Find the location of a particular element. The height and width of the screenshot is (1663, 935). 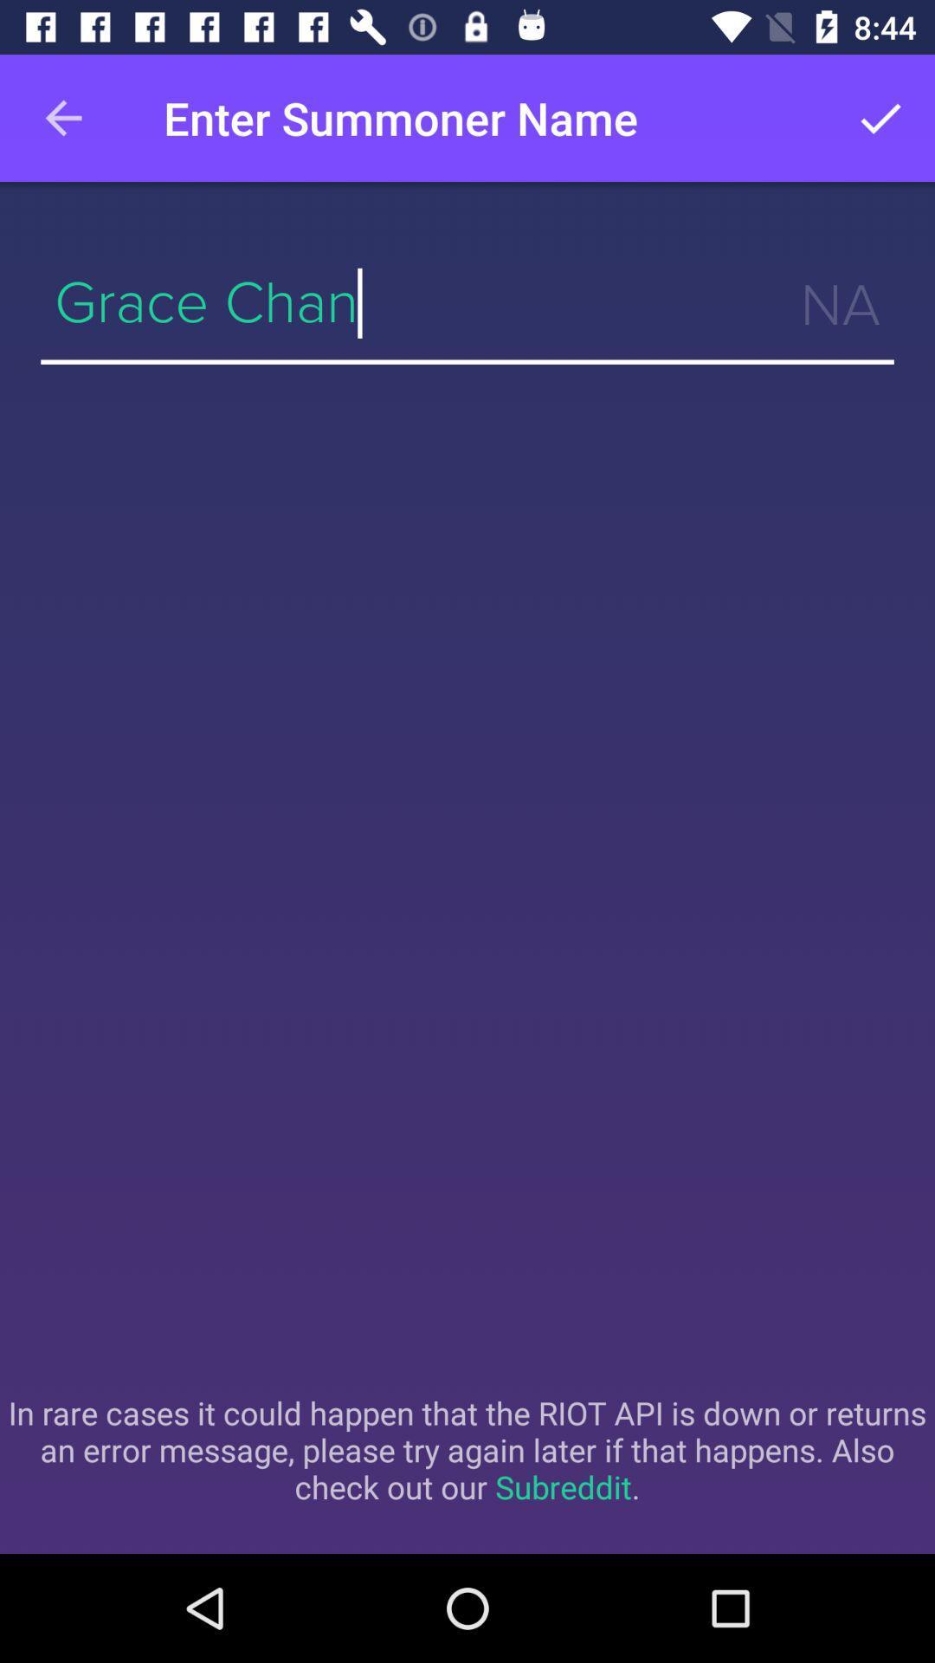

icon above the in rare cases icon is located at coordinates (467, 303).